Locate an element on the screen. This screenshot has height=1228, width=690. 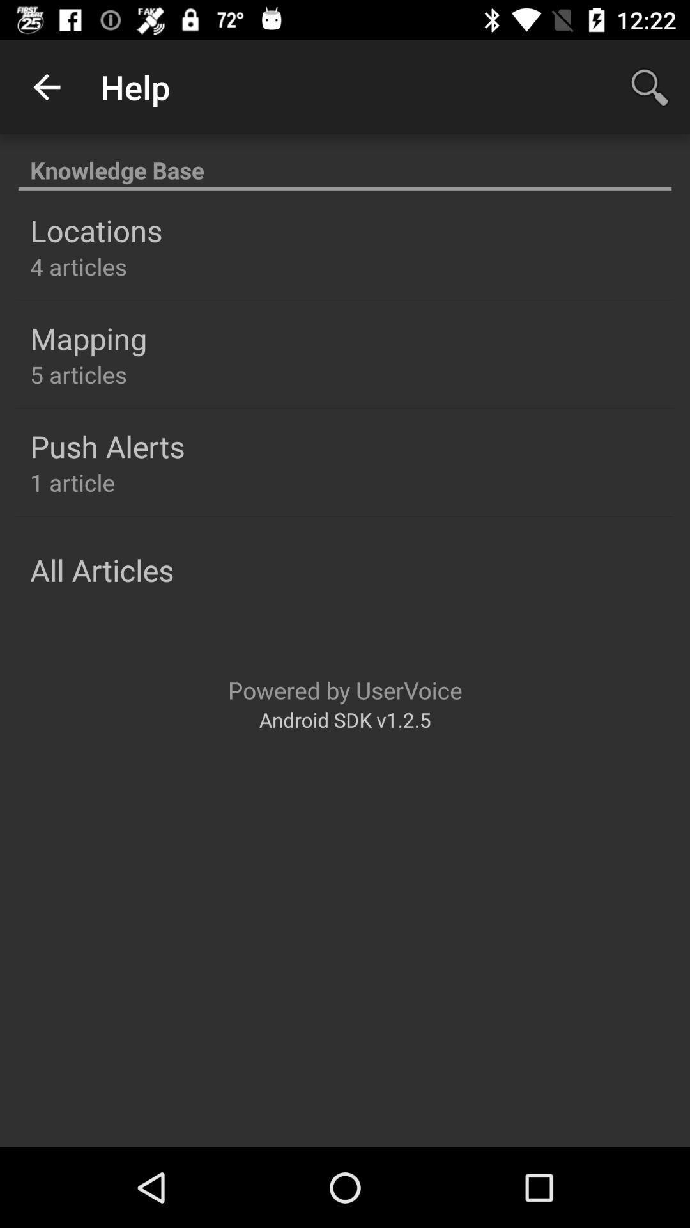
app next to the help is located at coordinates (46, 86).